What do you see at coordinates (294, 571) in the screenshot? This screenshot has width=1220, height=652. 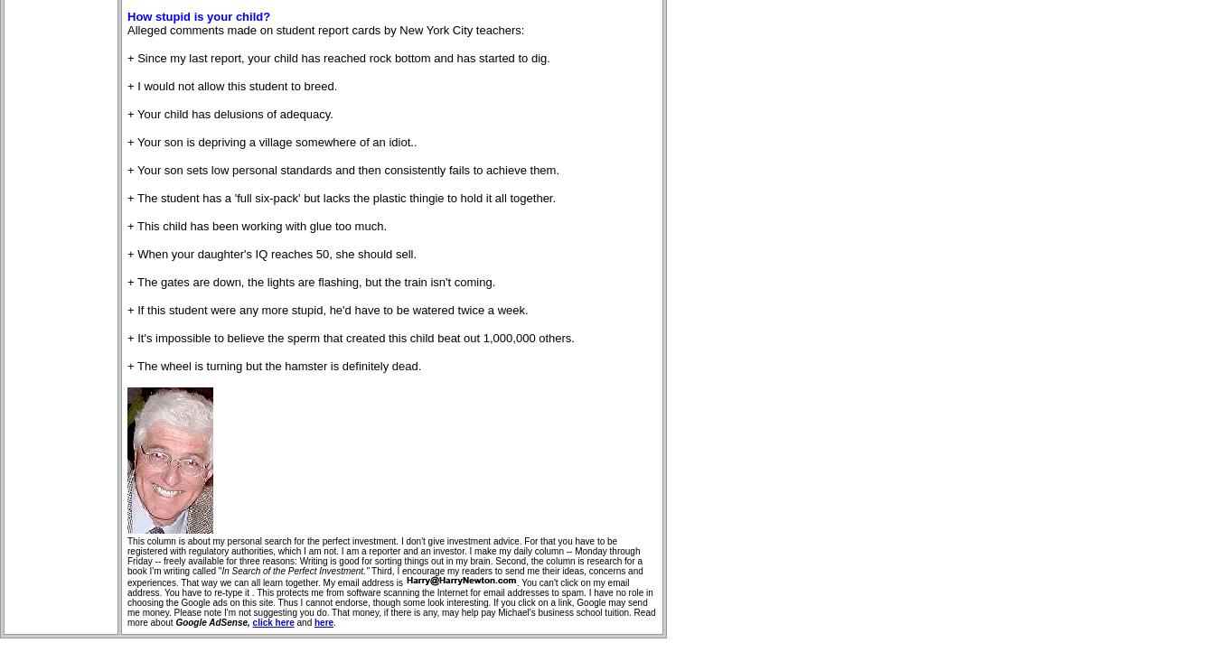 I see `'In Search of the 
  Perfect Investment."'` at bounding box center [294, 571].